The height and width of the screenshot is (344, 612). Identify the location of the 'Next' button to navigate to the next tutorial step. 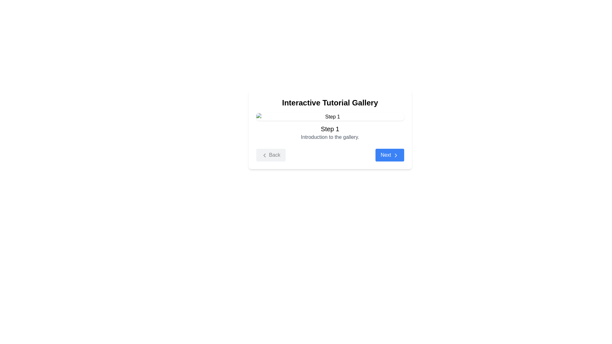
(389, 155).